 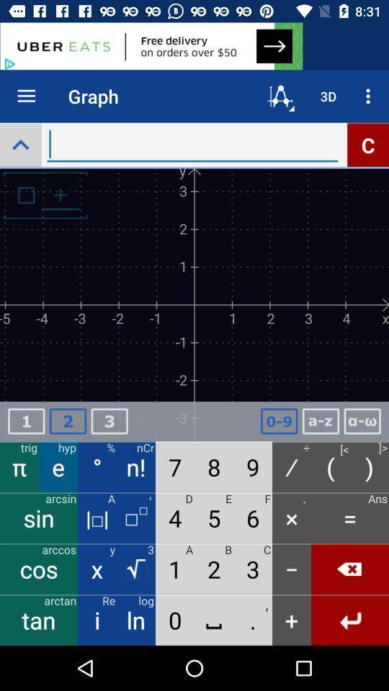 What do you see at coordinates (19, 145) in the screenshot?
I see `up arrow` at bounding box center [19, 145].